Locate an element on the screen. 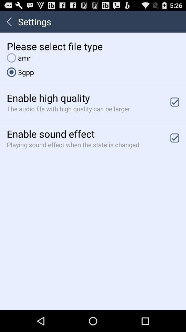 The width and height of the screenshot is (186, 332). app to the right of the the audio file is located at coordinates (175, 102).